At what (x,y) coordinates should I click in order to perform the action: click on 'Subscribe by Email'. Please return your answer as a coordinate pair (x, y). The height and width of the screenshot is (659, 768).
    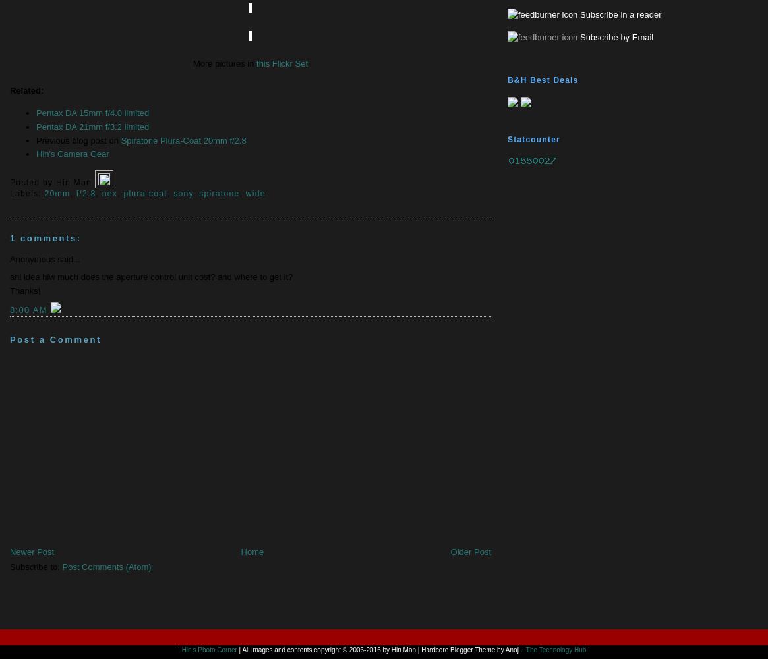
    Looking at the image, I should click on (616, 37).